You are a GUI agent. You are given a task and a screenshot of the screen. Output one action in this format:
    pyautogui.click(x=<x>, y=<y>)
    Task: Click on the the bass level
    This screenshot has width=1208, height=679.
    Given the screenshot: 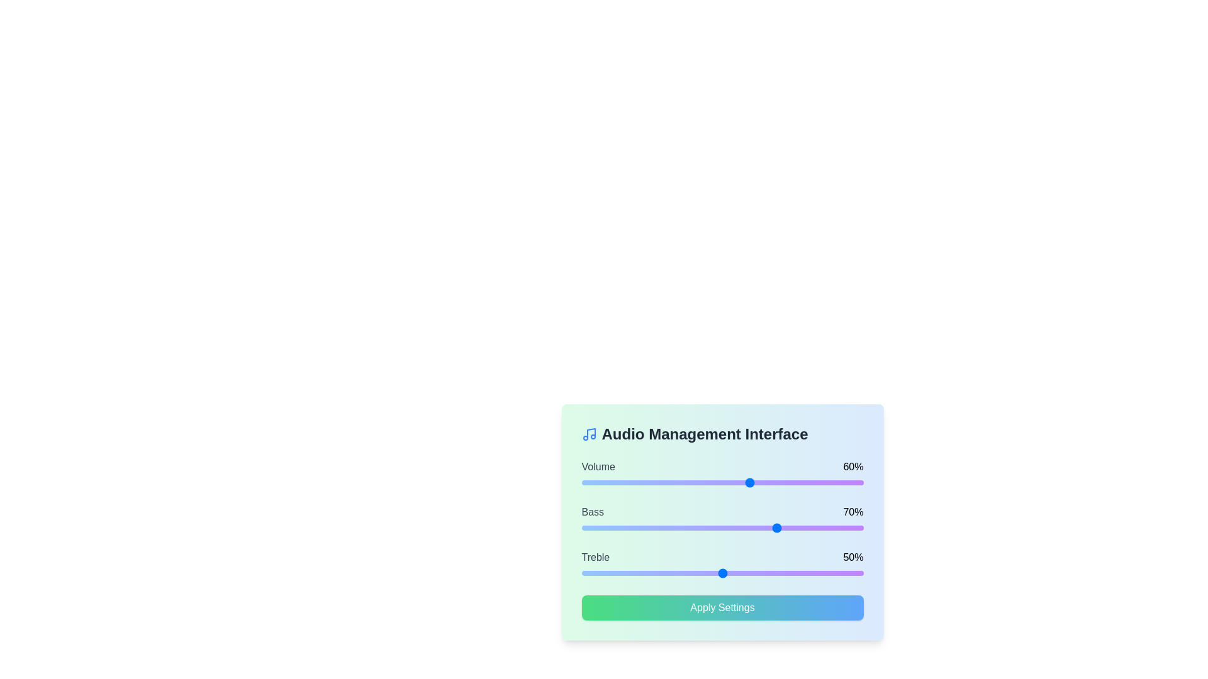 What is the action you would take?
    pyautogui.click(x=696, y=528)
    